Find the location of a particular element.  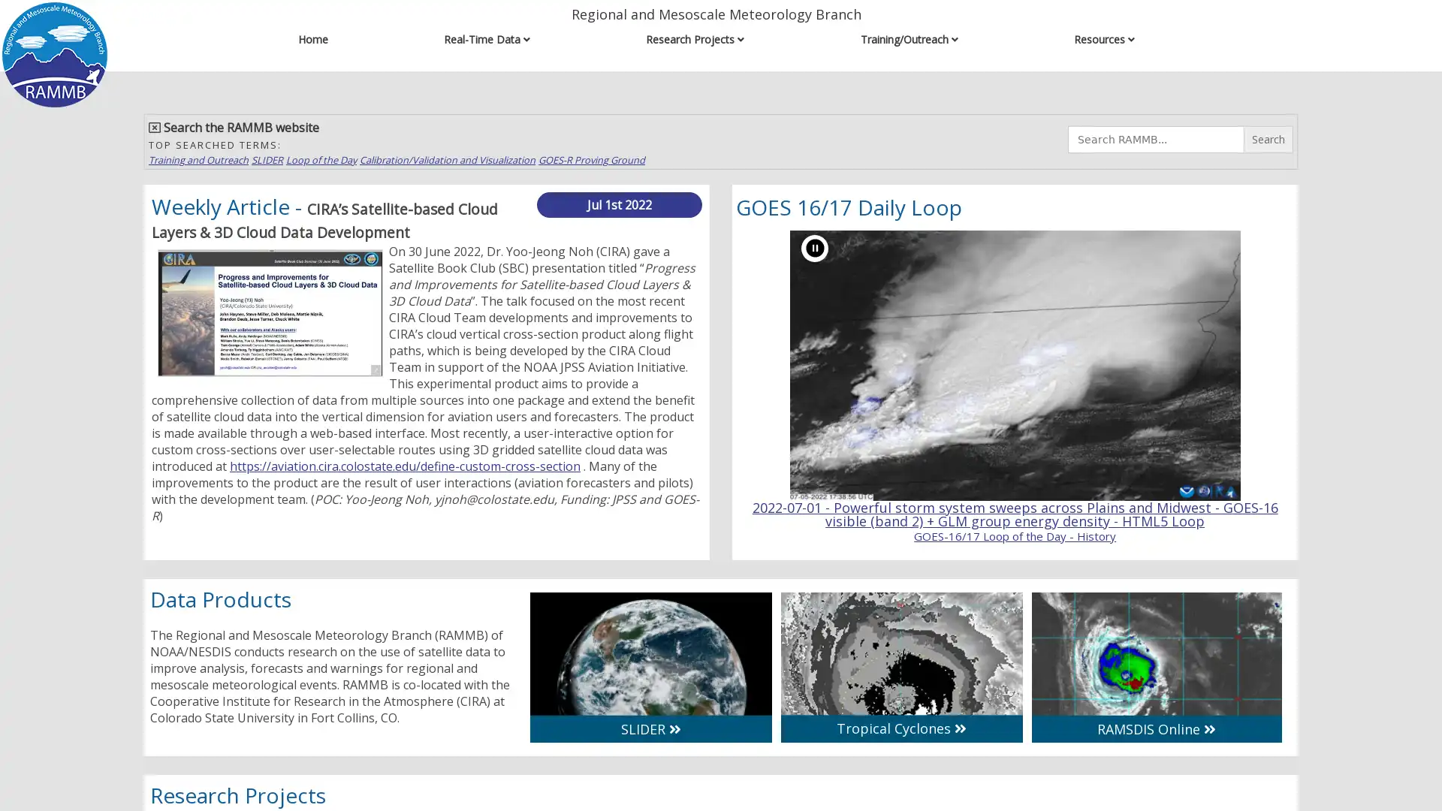

static image is located at coordinates (813, 247).